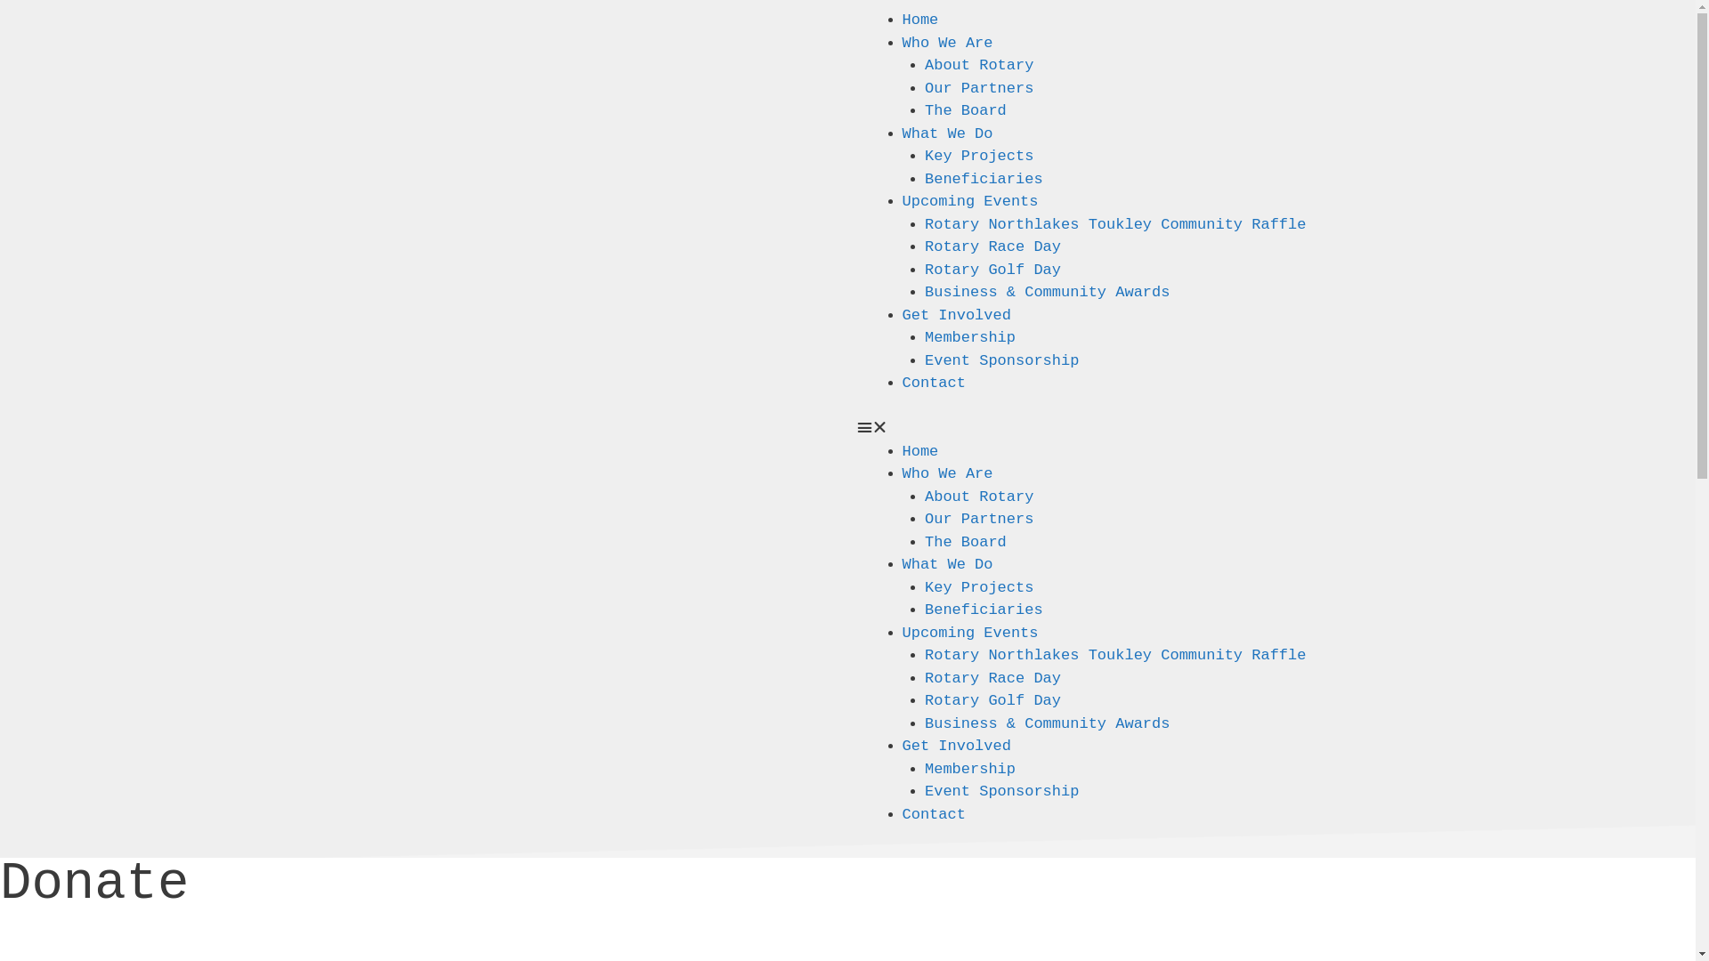 The width and height of the screenshot is (1709, 961). Describe the element at coordinates (924, 179) in the screenshot. I see `'Beneficiaries'` at that location.